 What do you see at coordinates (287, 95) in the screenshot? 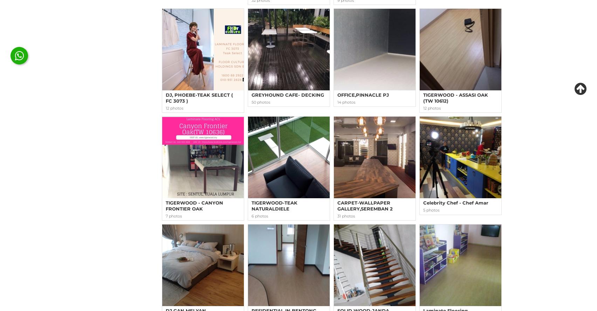
I see `'GREYHOUND CAFE- DECKING'` at bounding box center [287, 95].